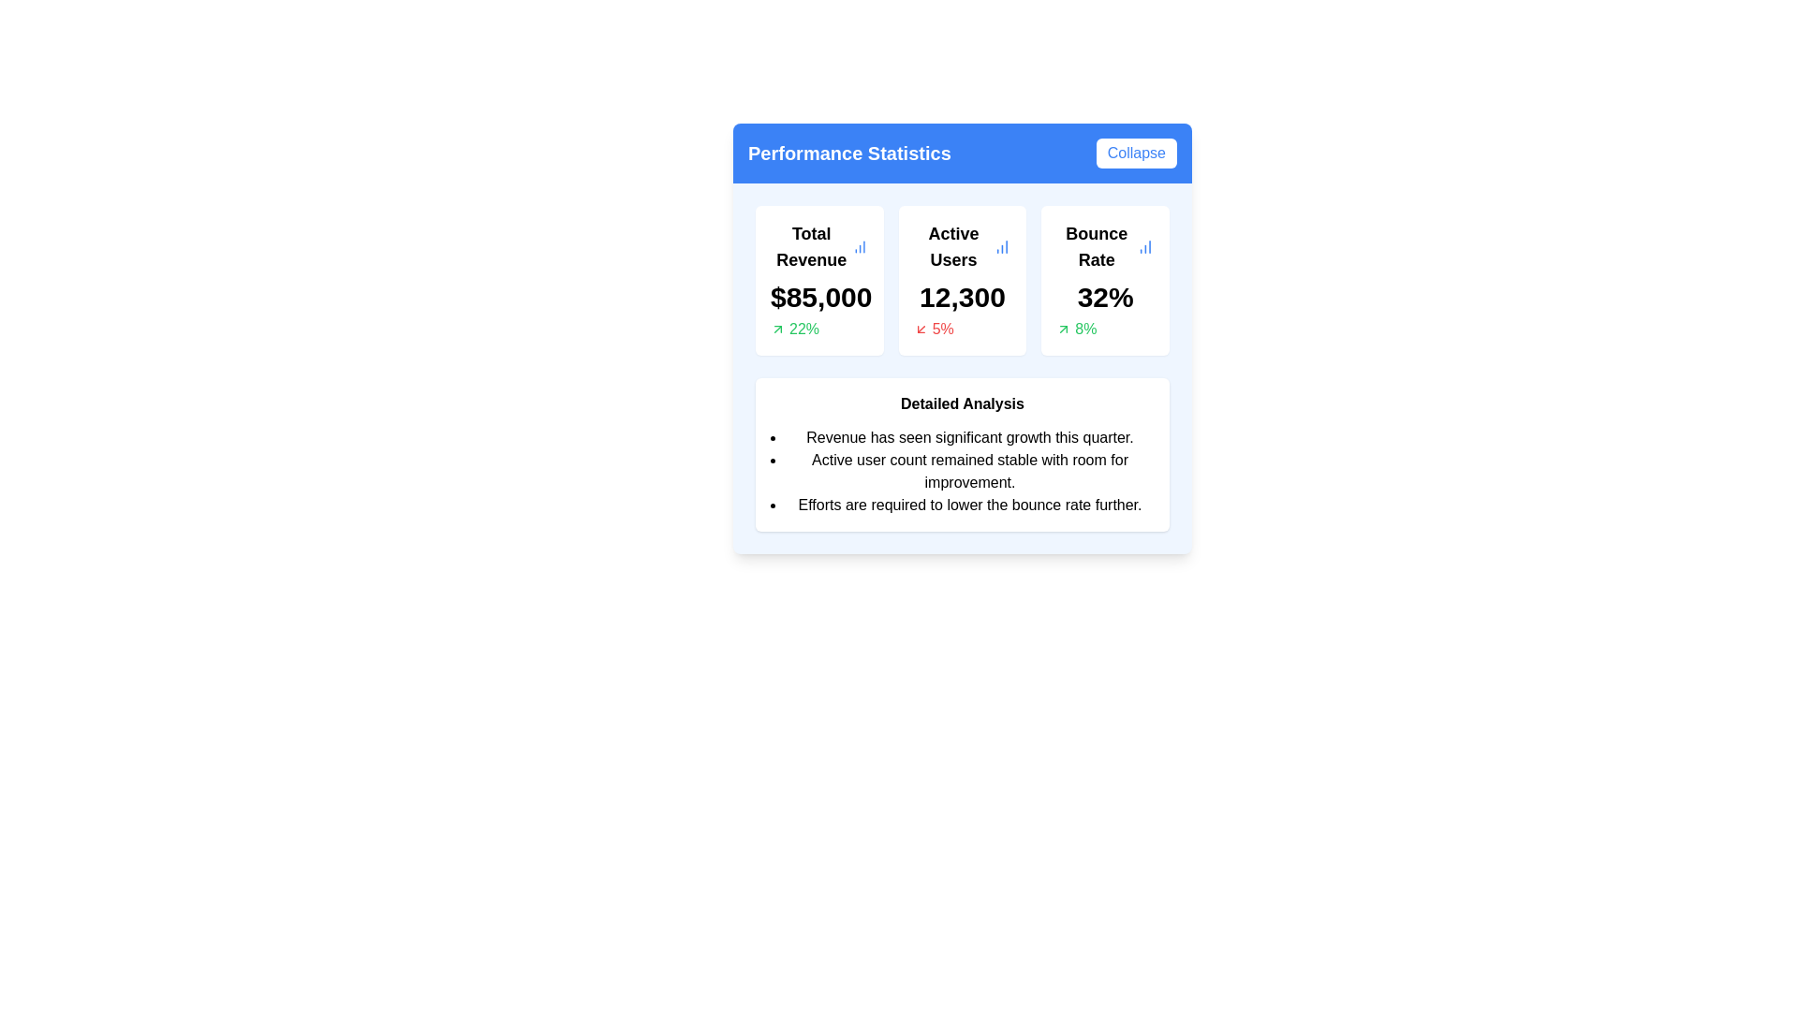  I want to click on value displayed in the bold text label showing '12,300' located within the 'Active Users' card, positioned between the 'Active Users' title and the '5%' percentage indicator, so click(962, 296).